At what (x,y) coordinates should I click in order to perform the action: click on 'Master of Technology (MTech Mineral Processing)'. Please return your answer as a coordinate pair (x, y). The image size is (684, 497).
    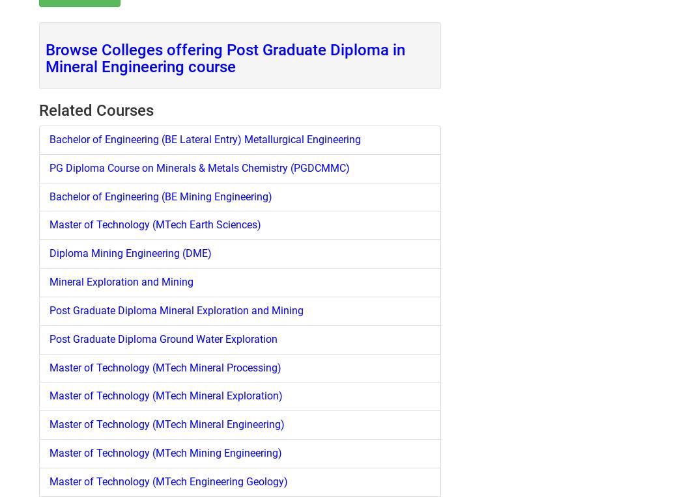
    Looking at the image, I should click on (165, 367).